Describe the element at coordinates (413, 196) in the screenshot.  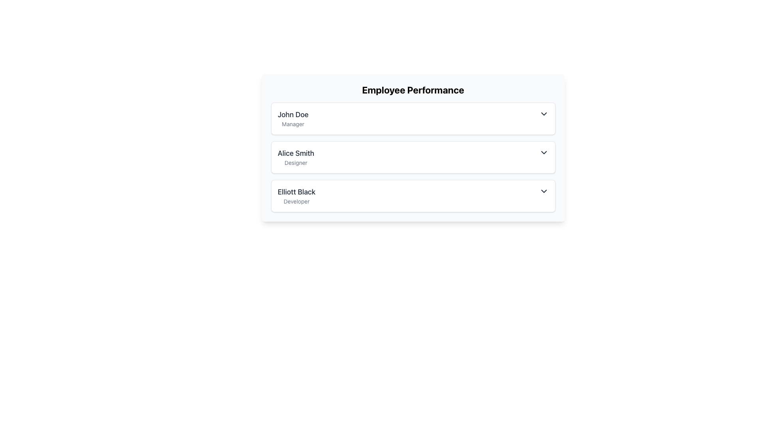
I see `the third list item labeled 'Elliott Black'` at that location.